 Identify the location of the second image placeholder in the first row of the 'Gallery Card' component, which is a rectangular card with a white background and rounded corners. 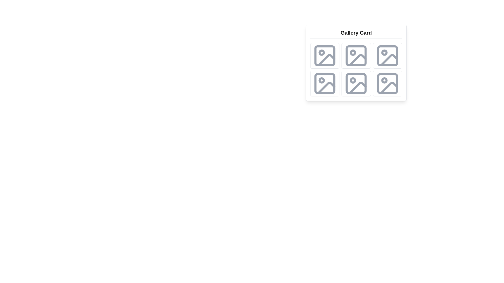
(356, 62).